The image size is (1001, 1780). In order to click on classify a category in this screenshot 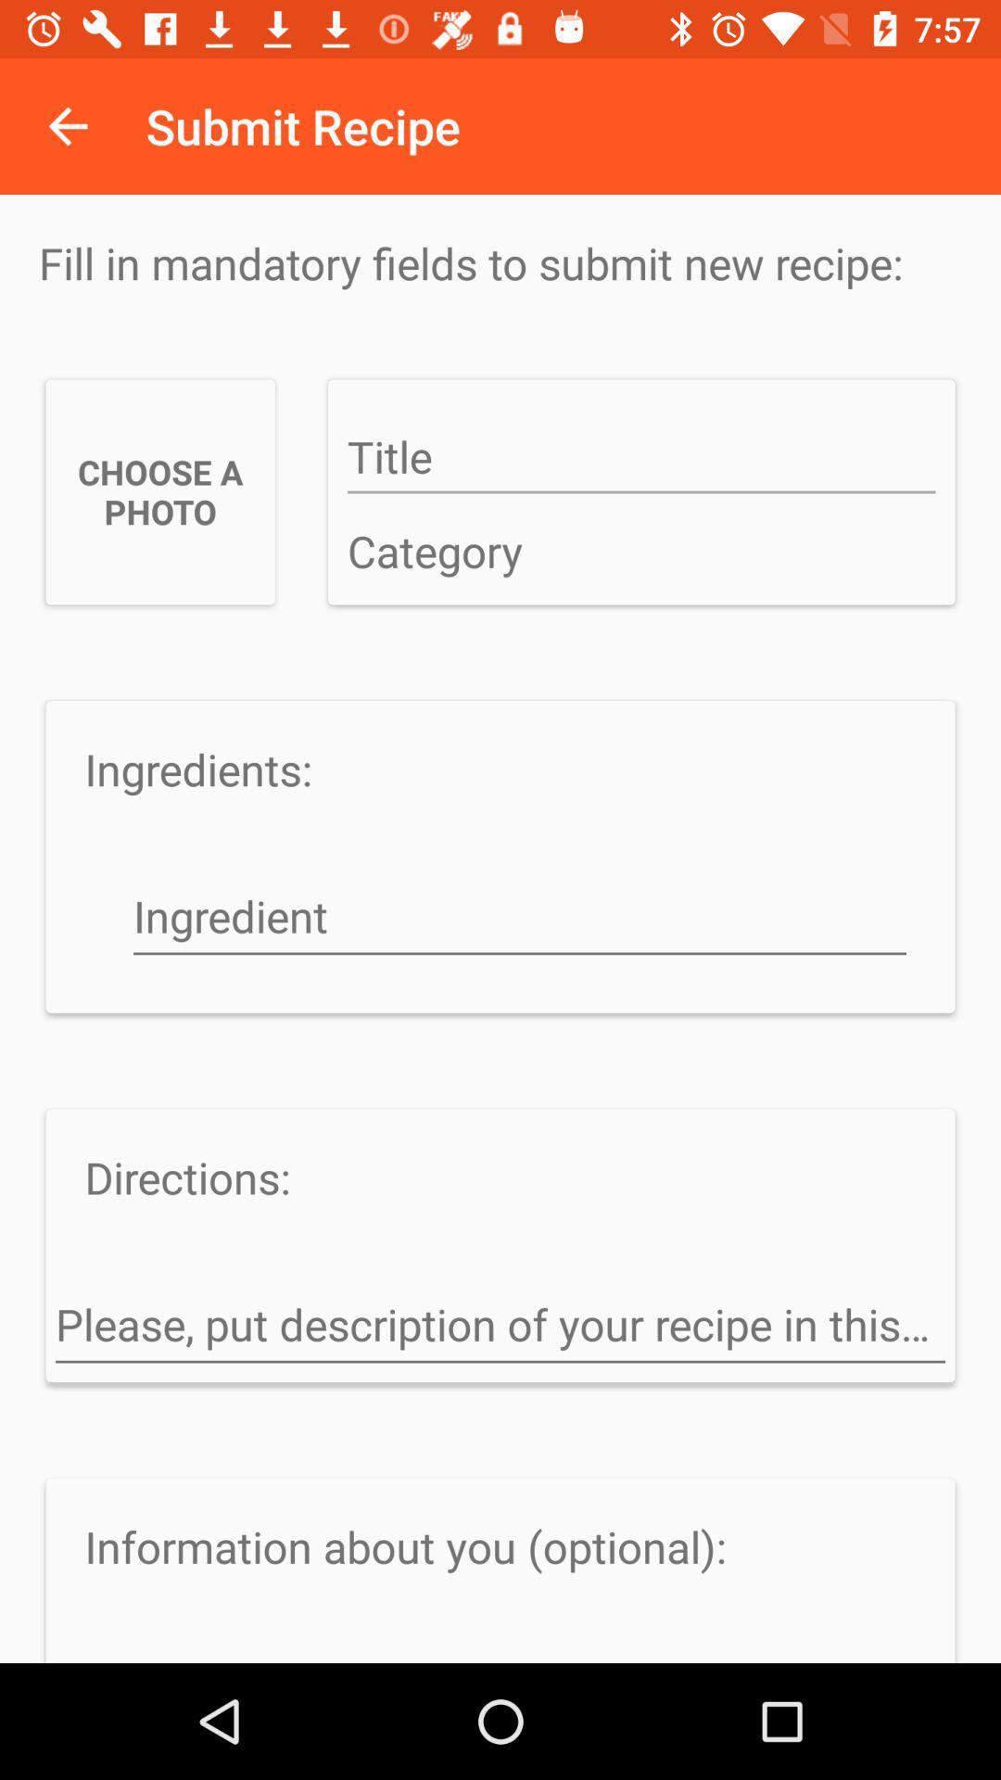, I will do `click(640, 552)`.